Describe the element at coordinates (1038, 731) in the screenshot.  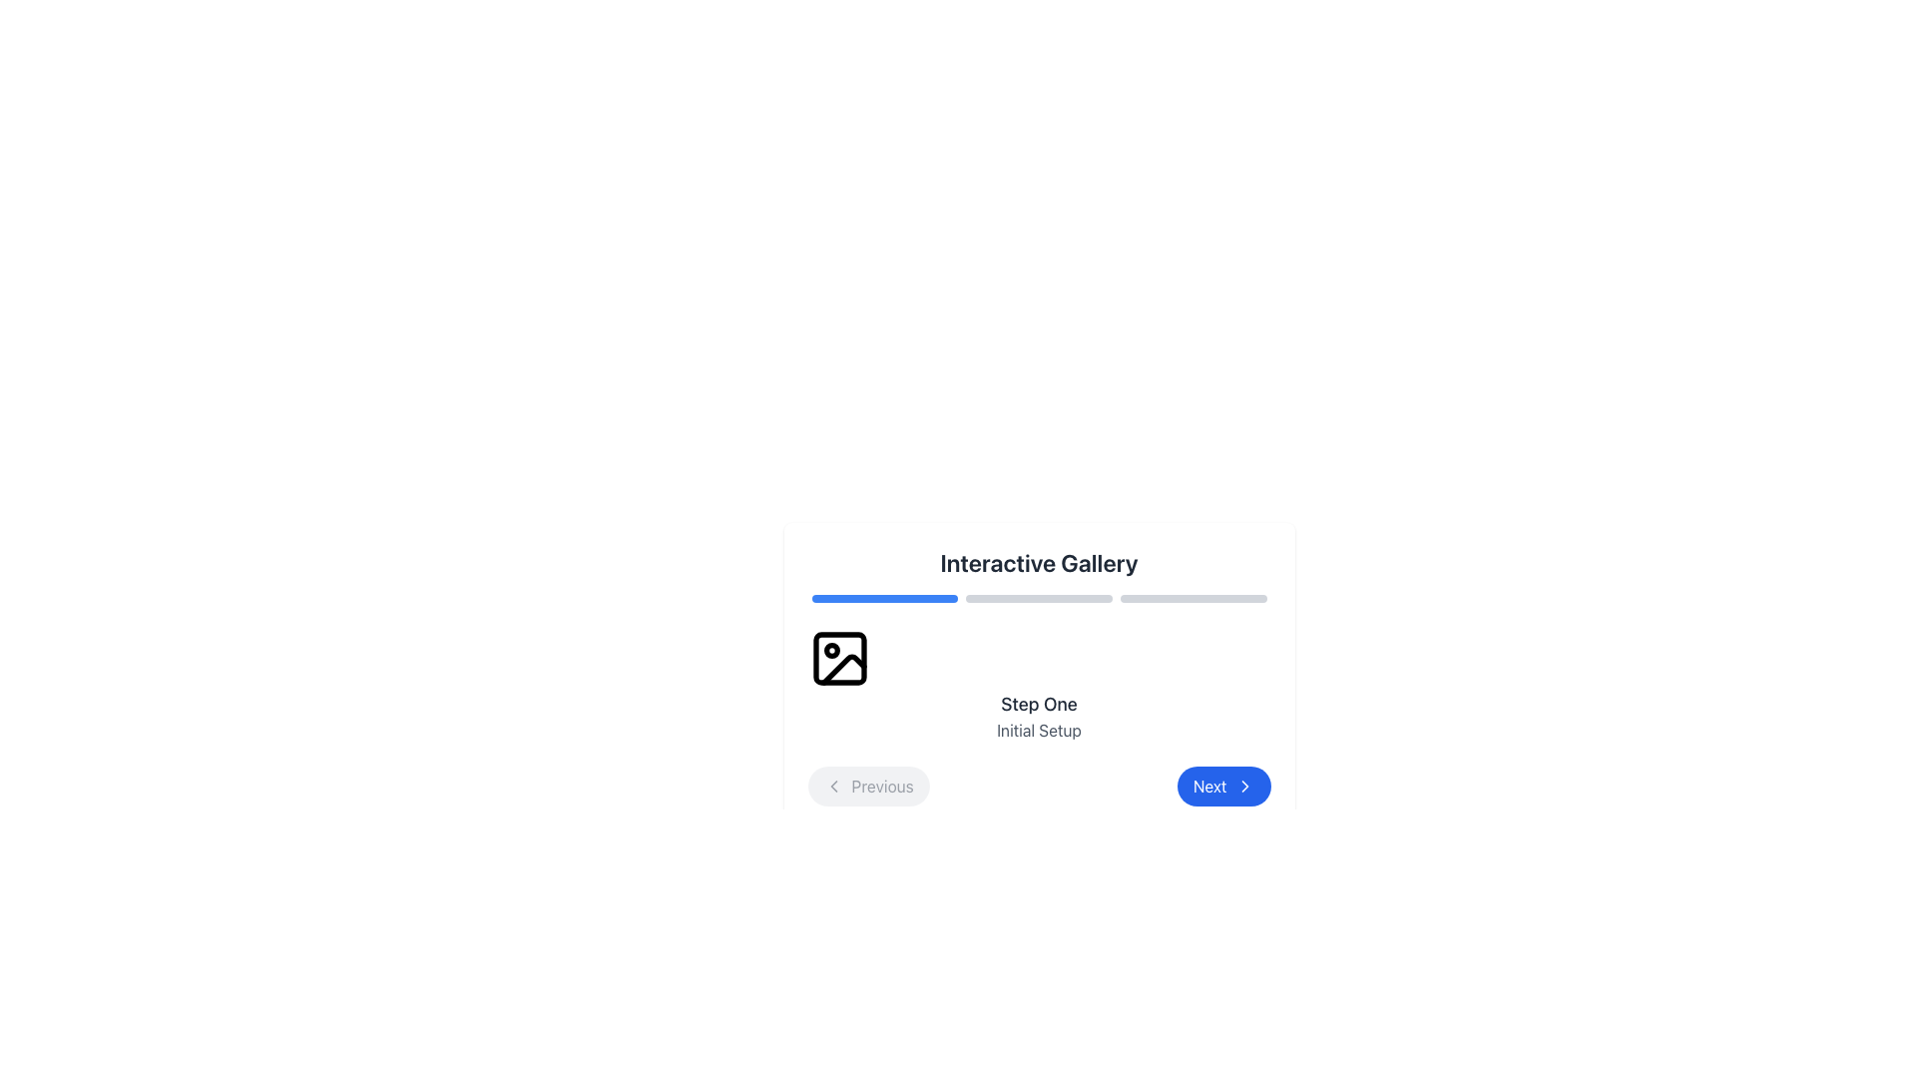
I see `the 'Initial Setup' text label, which is a grayish colored subtitle located directly beneath the 'Step One' text in the stepwise navigation interface` at that location.